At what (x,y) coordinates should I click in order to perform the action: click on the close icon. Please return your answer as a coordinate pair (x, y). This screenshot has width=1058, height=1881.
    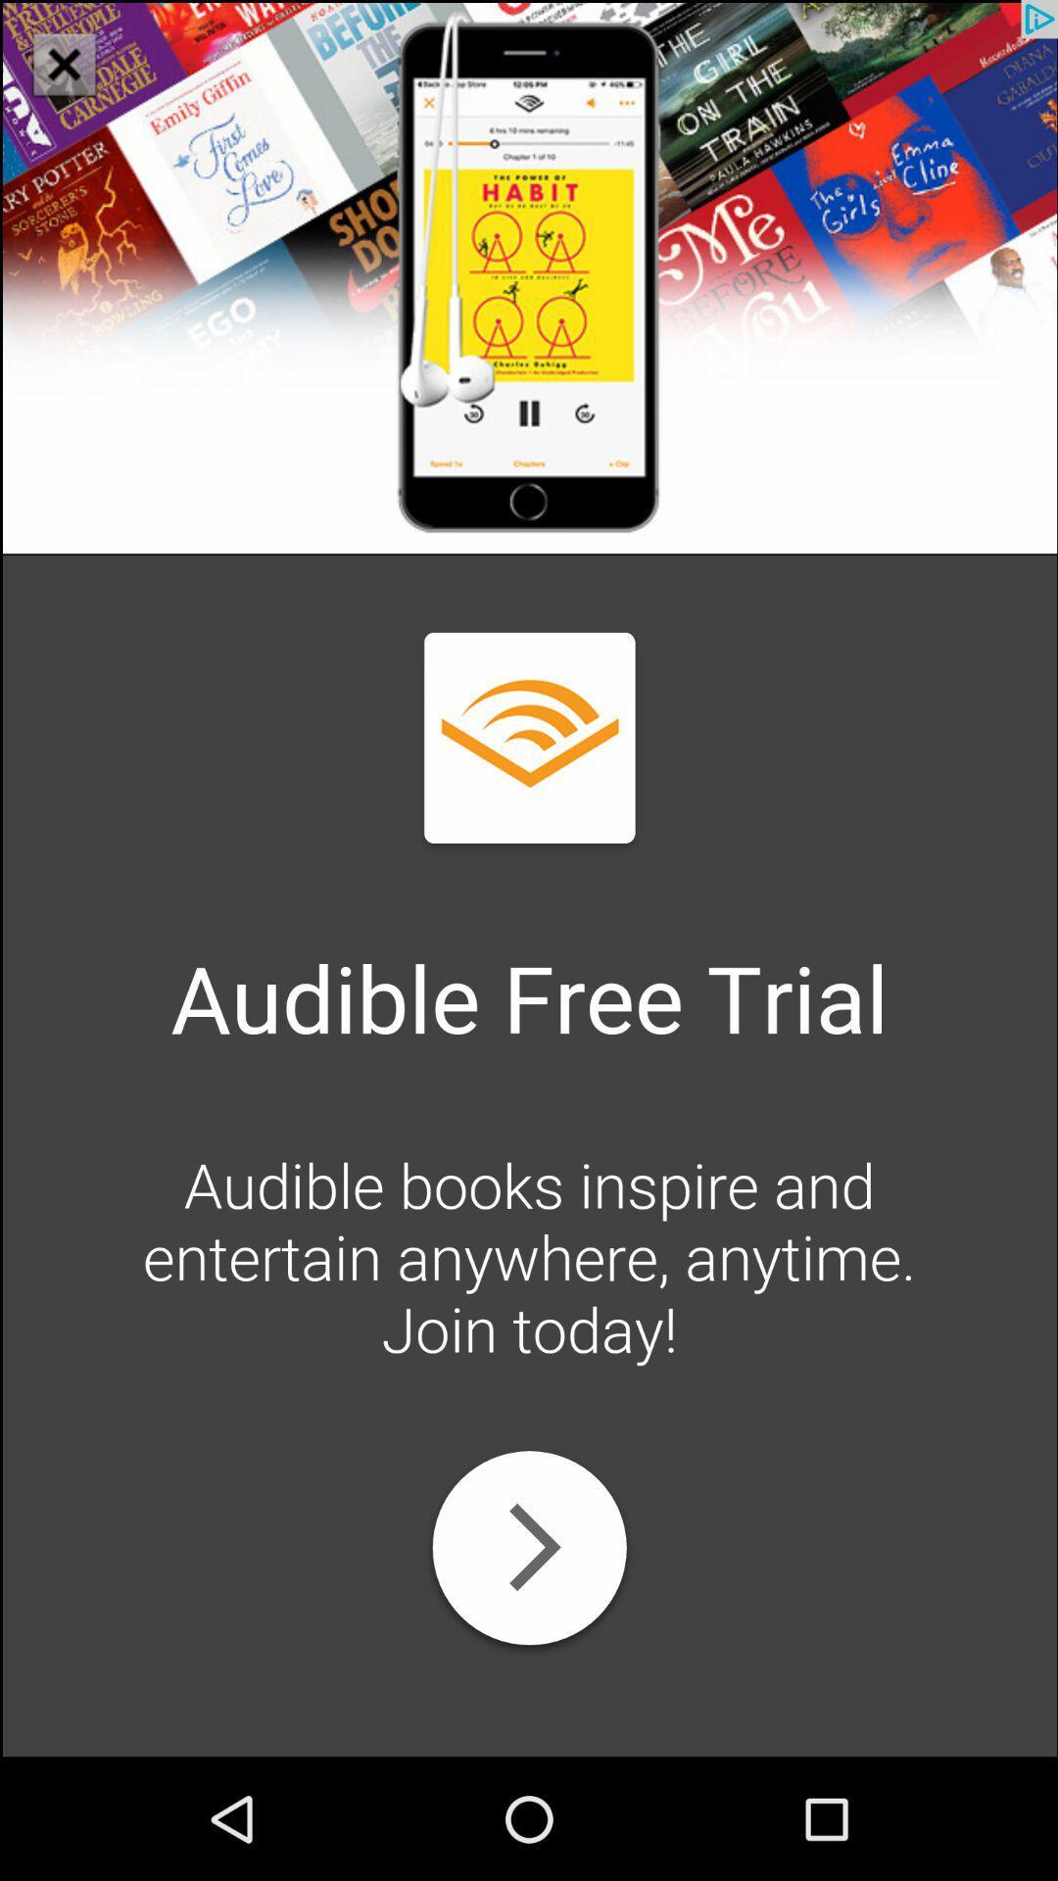
    Looking at the image, I should click on (63, 69).